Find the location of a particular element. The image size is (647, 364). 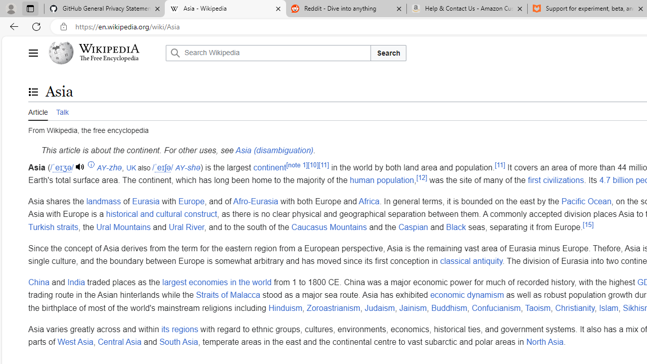

'Zoroastrianism' is located at coordinates (333, 307).